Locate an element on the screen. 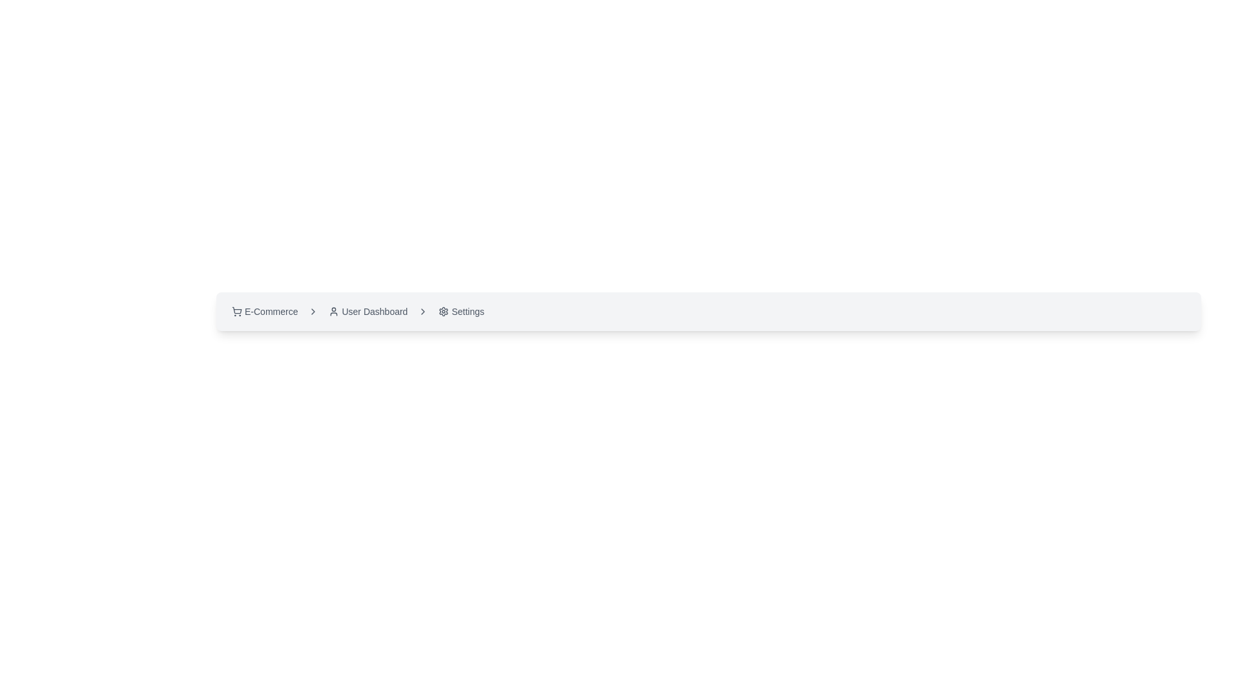 The image size is (1240, 697). the first button on the left side of the horizontal layout is located at coordinates (264, 311).